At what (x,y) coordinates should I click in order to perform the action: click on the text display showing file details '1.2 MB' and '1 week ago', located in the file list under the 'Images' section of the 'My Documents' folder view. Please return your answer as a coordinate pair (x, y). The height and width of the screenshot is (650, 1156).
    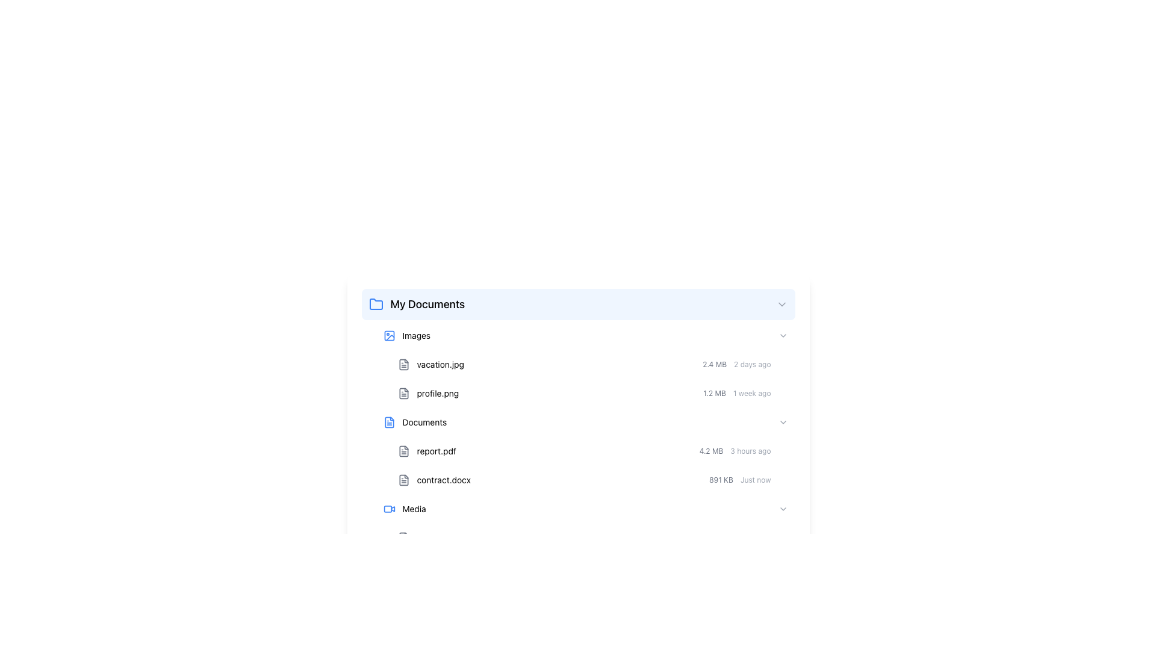
    Looking at the image, I should click on (745, 394).